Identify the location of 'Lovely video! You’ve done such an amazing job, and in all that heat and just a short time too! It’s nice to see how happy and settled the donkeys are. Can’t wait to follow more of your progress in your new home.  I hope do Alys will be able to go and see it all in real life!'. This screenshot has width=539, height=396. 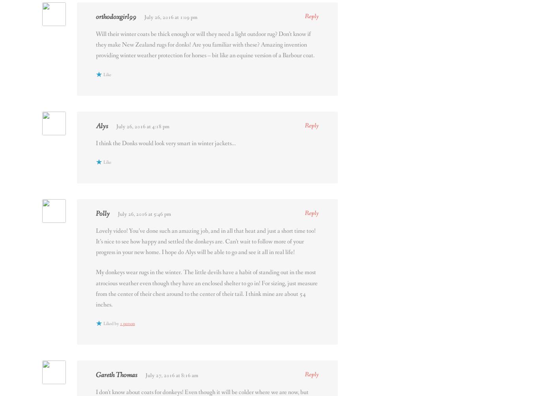
(96, 241).